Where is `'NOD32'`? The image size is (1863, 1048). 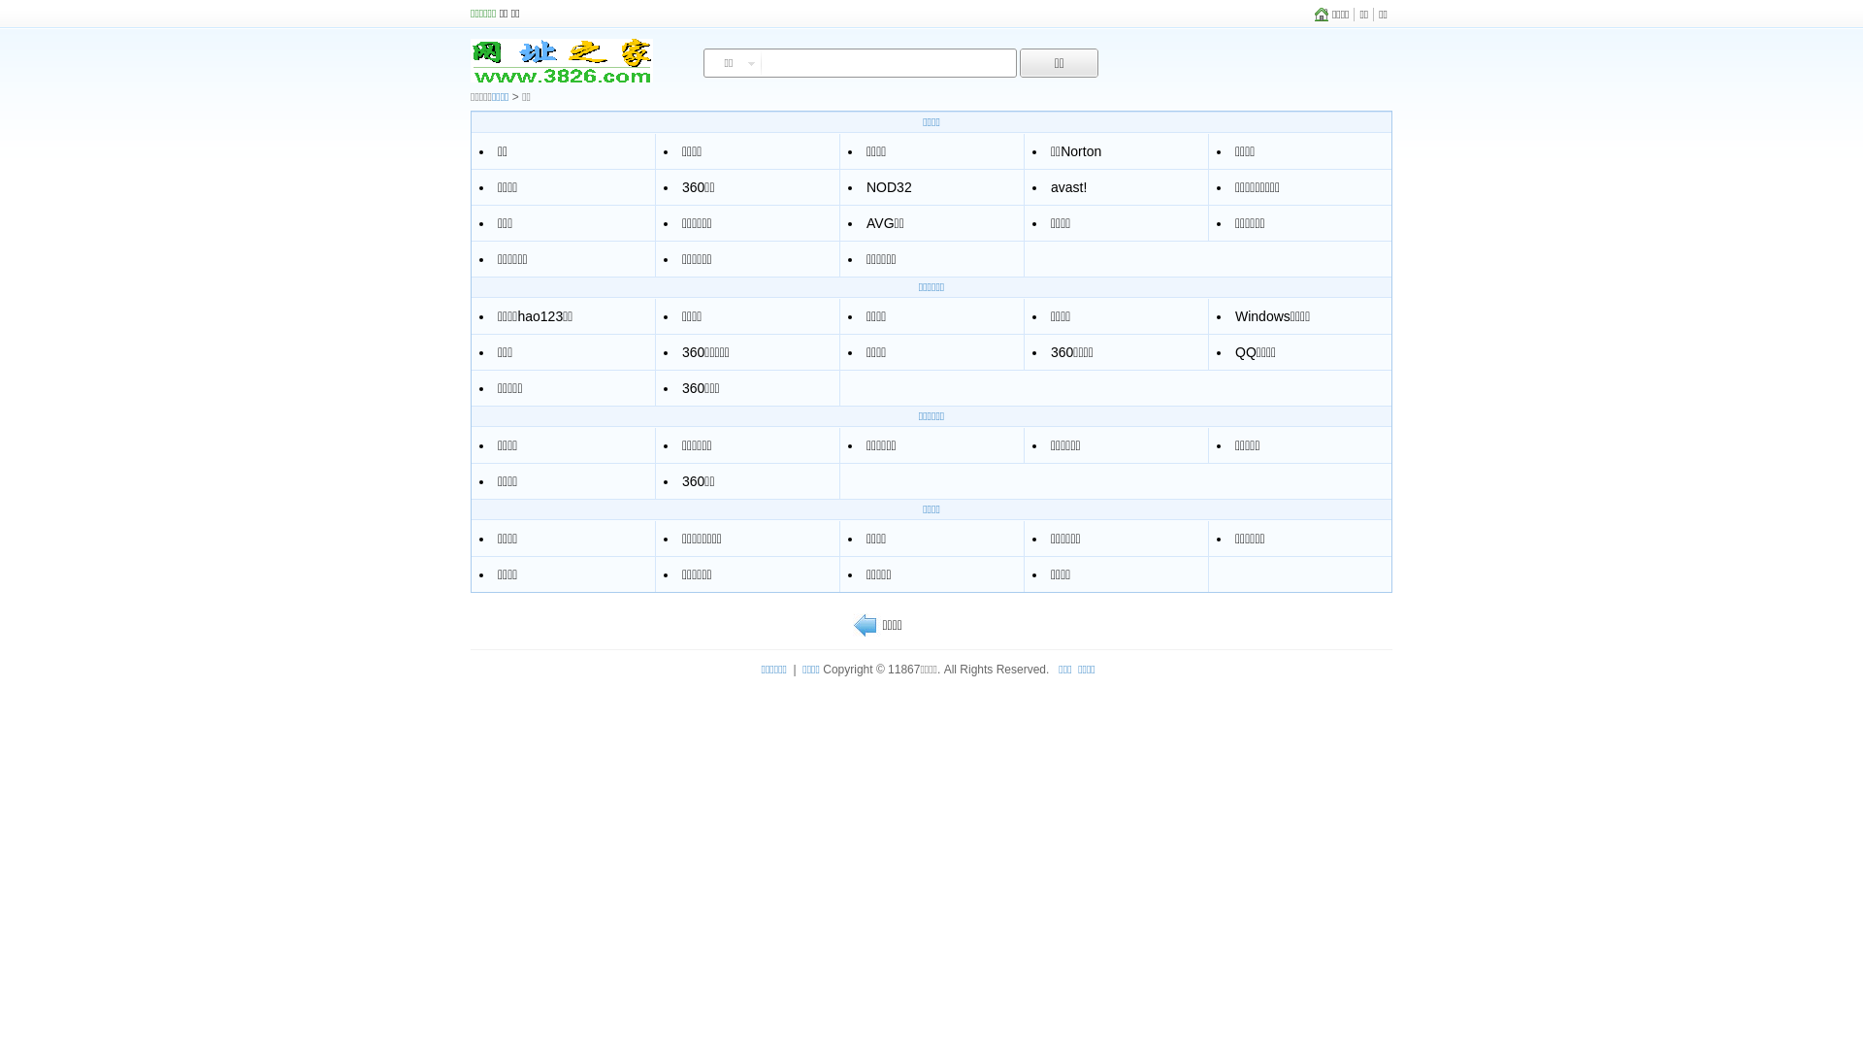
'NOD32' is located at coordinates (888, 186).